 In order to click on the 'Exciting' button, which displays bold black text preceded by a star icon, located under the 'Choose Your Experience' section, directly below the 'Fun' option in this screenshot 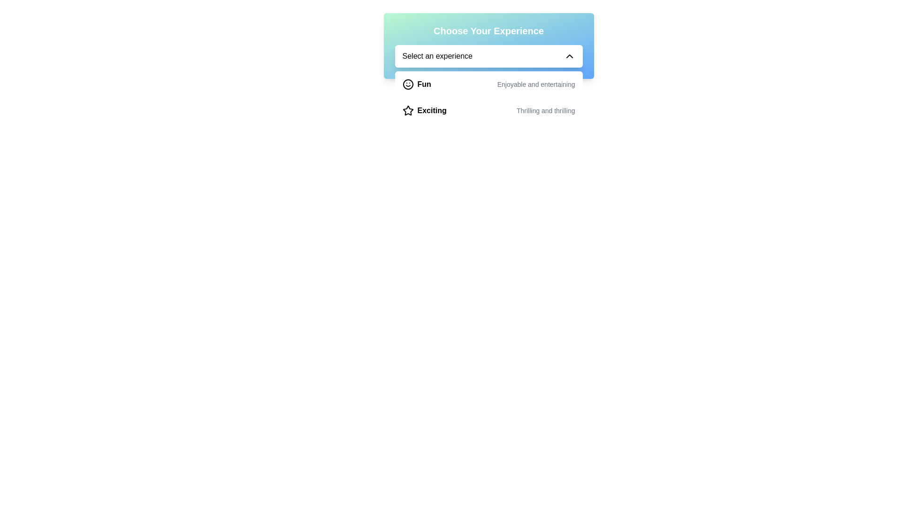, I will do `click(424, 110)`.